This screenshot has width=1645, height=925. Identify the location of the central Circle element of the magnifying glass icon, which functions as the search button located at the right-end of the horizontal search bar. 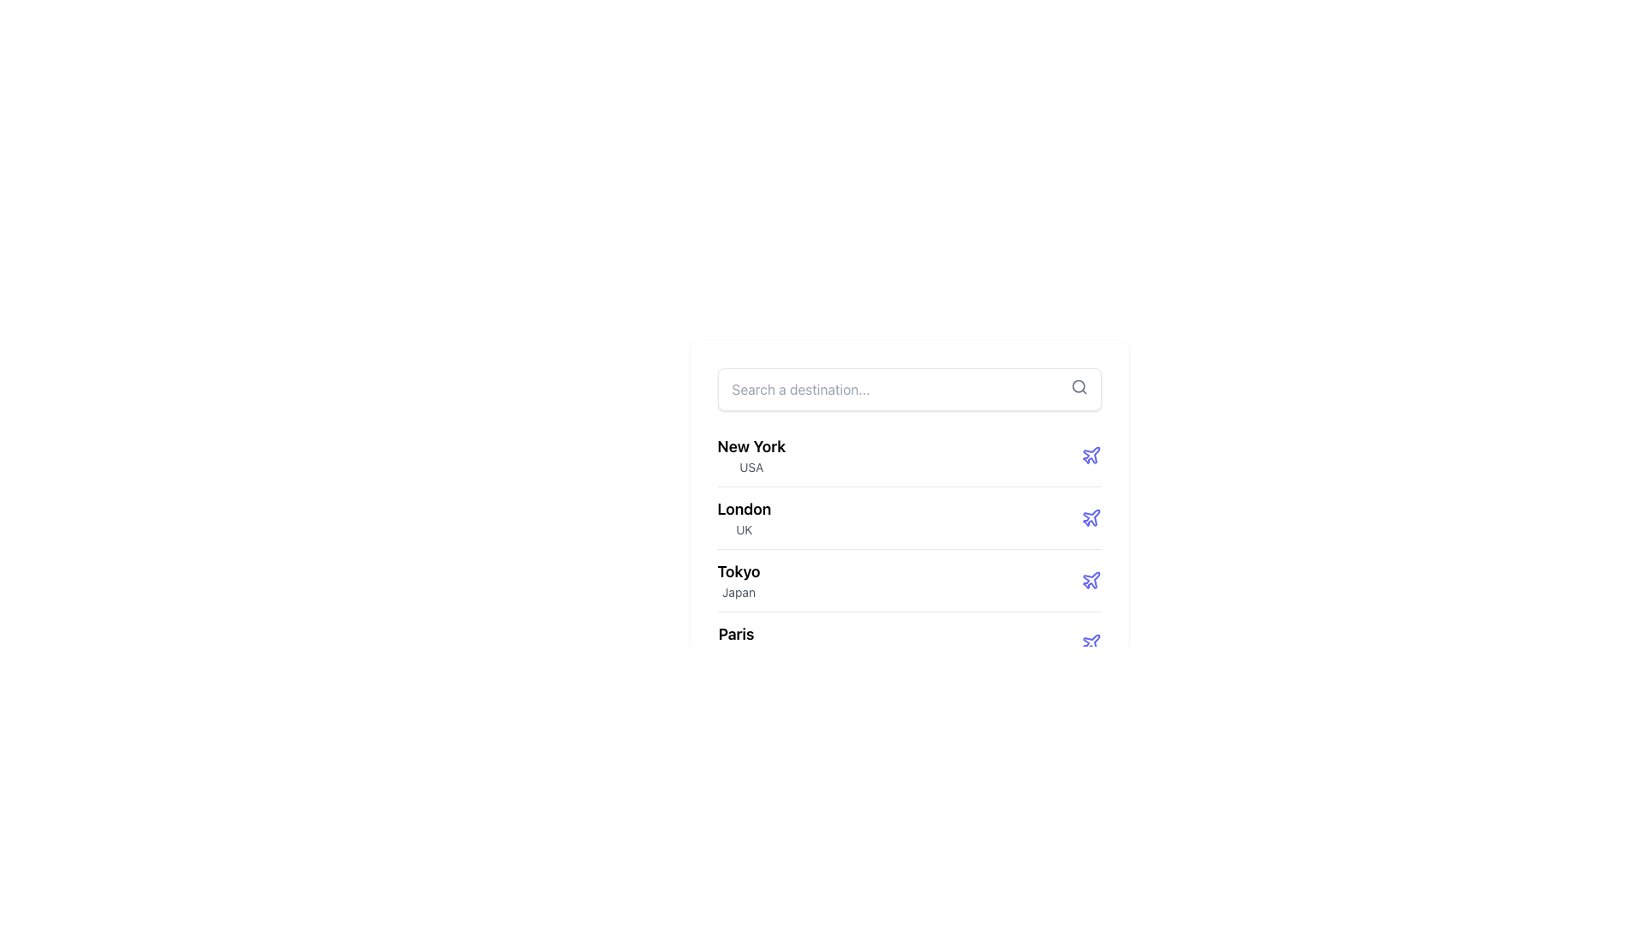
(1077, 386).